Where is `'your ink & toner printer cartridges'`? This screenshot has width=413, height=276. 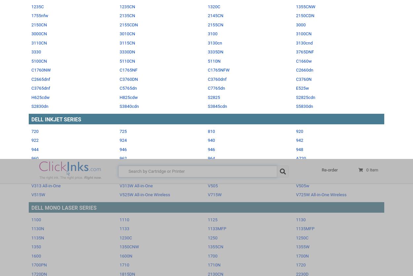
'your ink & toner printer cartridges' is located at coordinates (268, 55).